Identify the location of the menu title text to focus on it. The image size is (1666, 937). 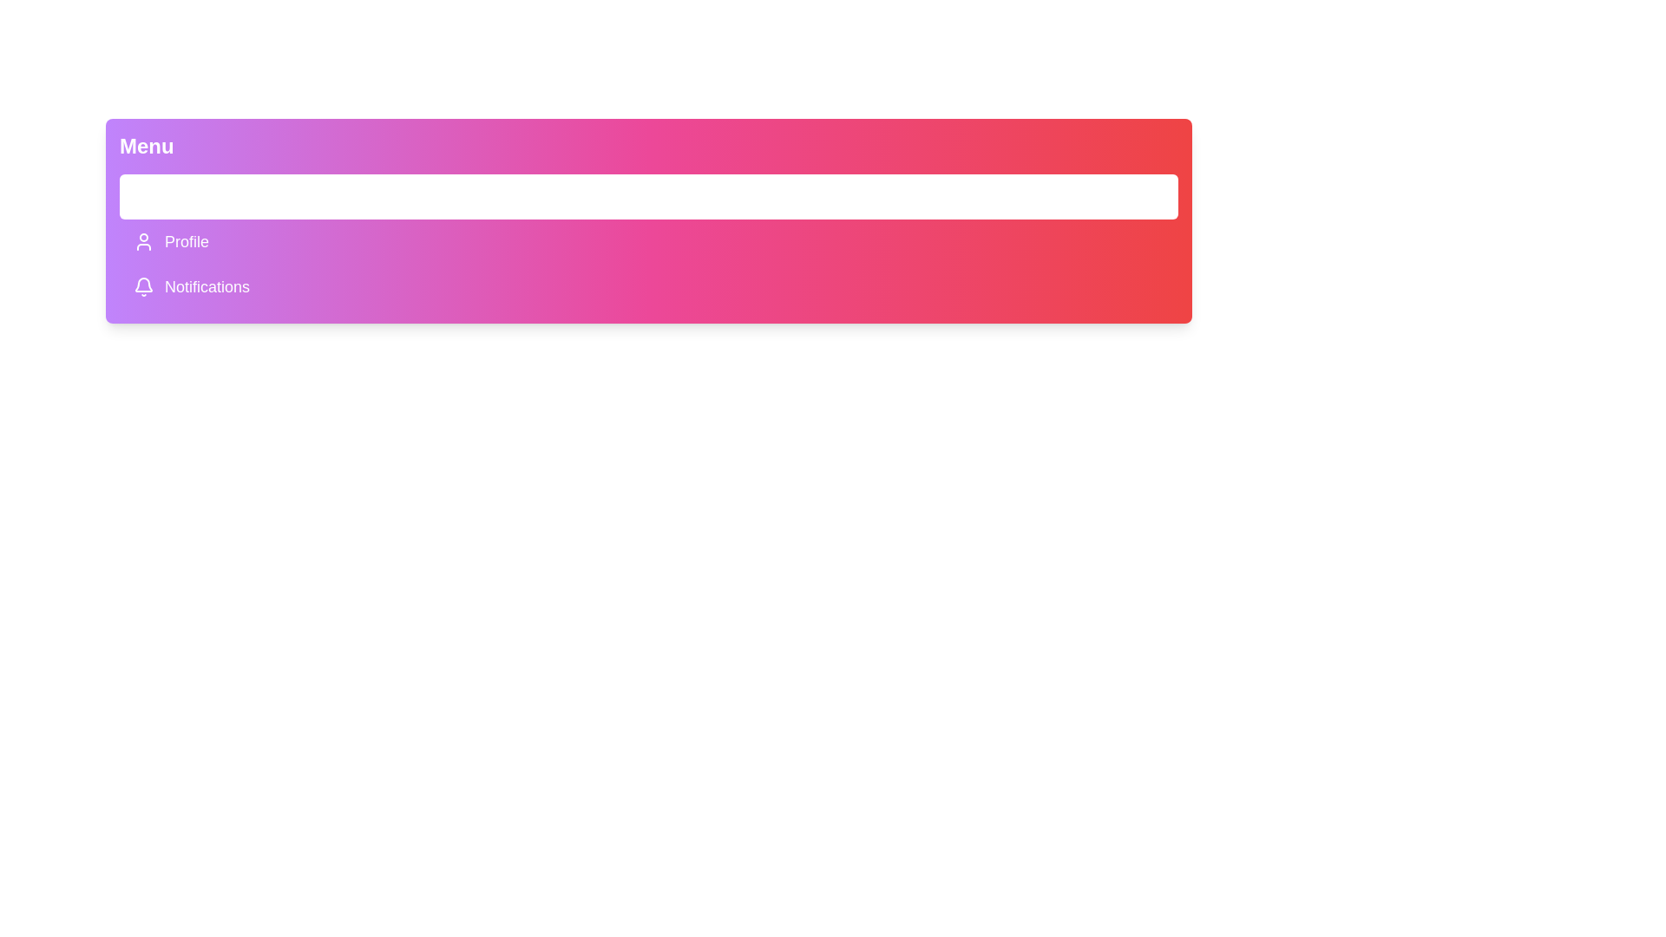
(146, 146).